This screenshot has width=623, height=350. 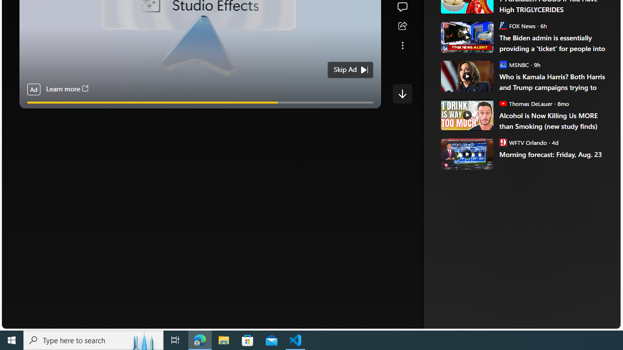 What do you see at coordinates (402, 93) in the screenshot?
I see `'Class: control'` at bounding box center [402, 93].